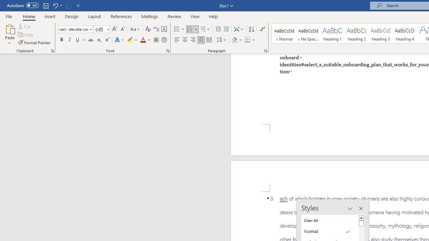 The height and width of the screenshot is (241, 429). I want to click on 'Can', so click(68, 5).